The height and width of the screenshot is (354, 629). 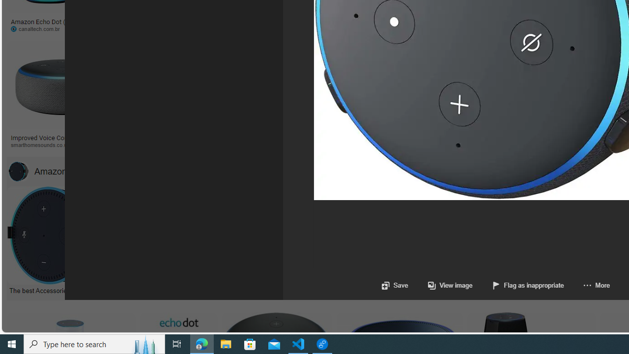 I want to click on 'Save', so click(x=395, y=285).